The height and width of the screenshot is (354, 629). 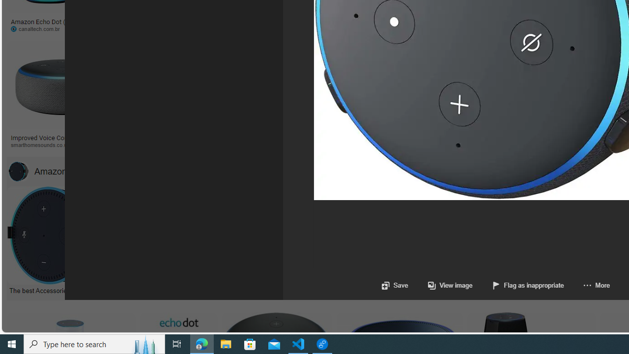 I want to click on 'Save', so click(x=395, y=285).